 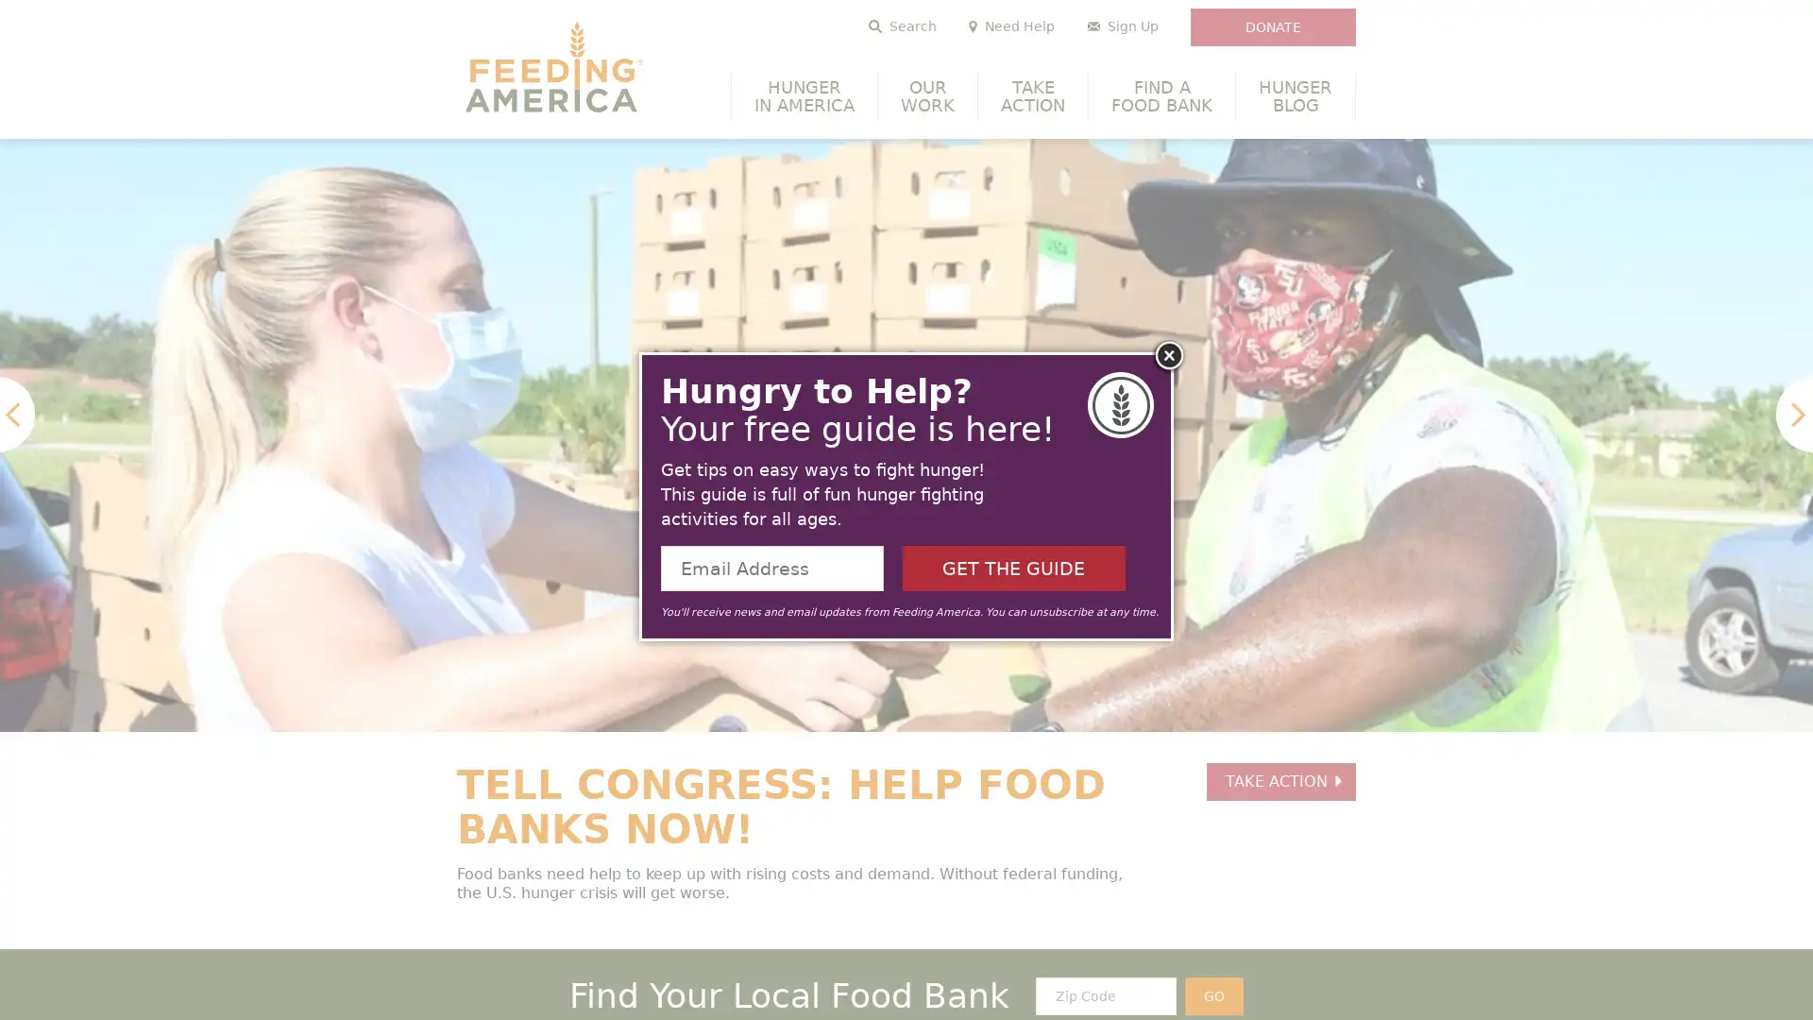 I want to click on Sign up for our Newsletter, so click(x=1123, y=25).